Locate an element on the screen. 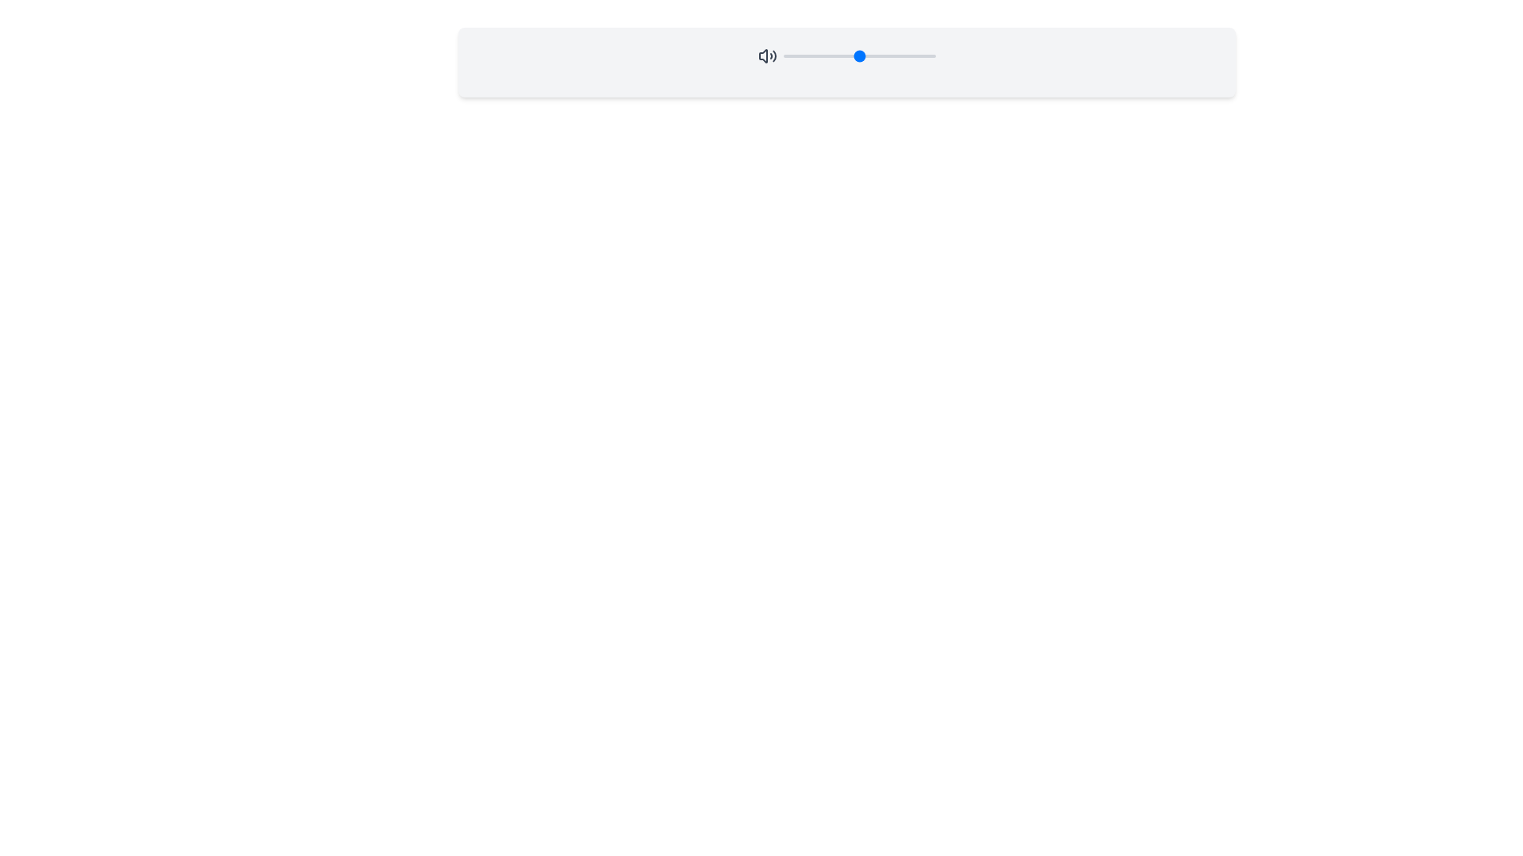  the slider is located at coordinates (925, 55).